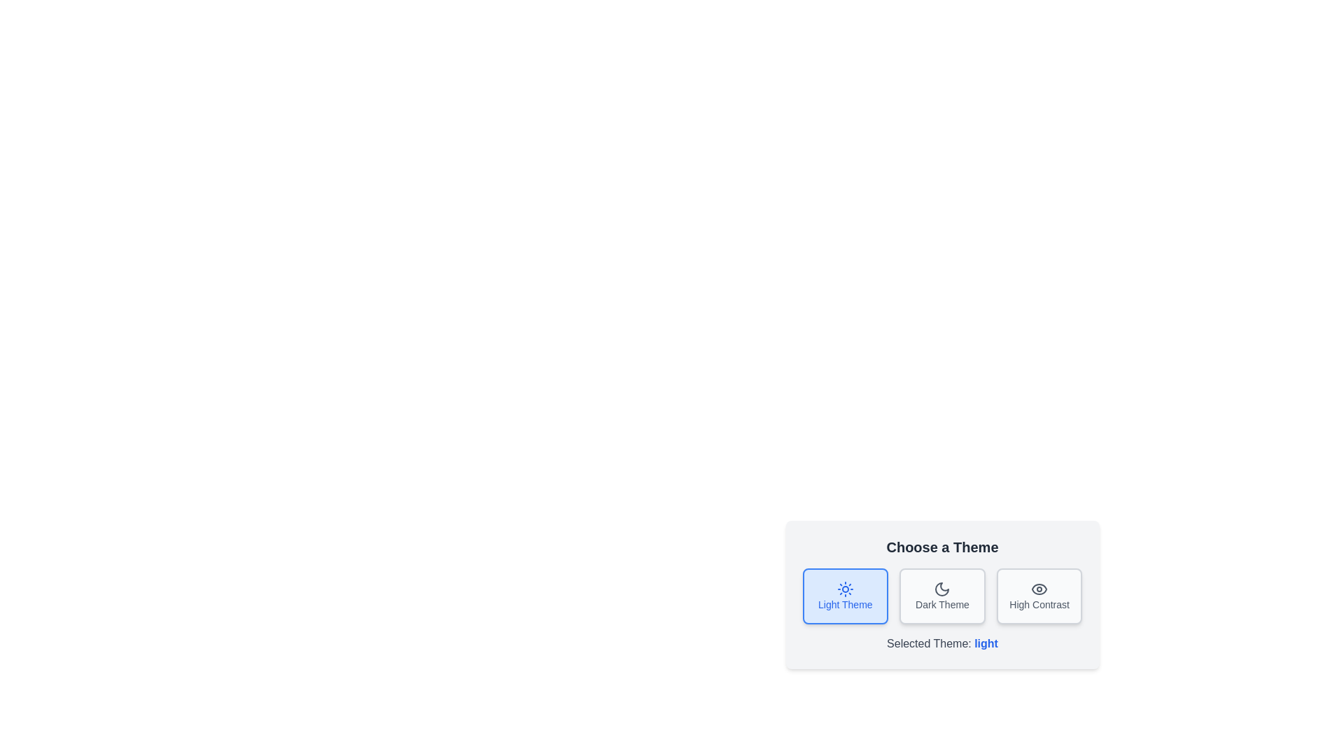 This screenshot has width=1344, height=756. Describe the element at coordinates (1039, 596) in the screenshot. I see `the theme corresponding to High Contrast by clicking the respective button` at that location.